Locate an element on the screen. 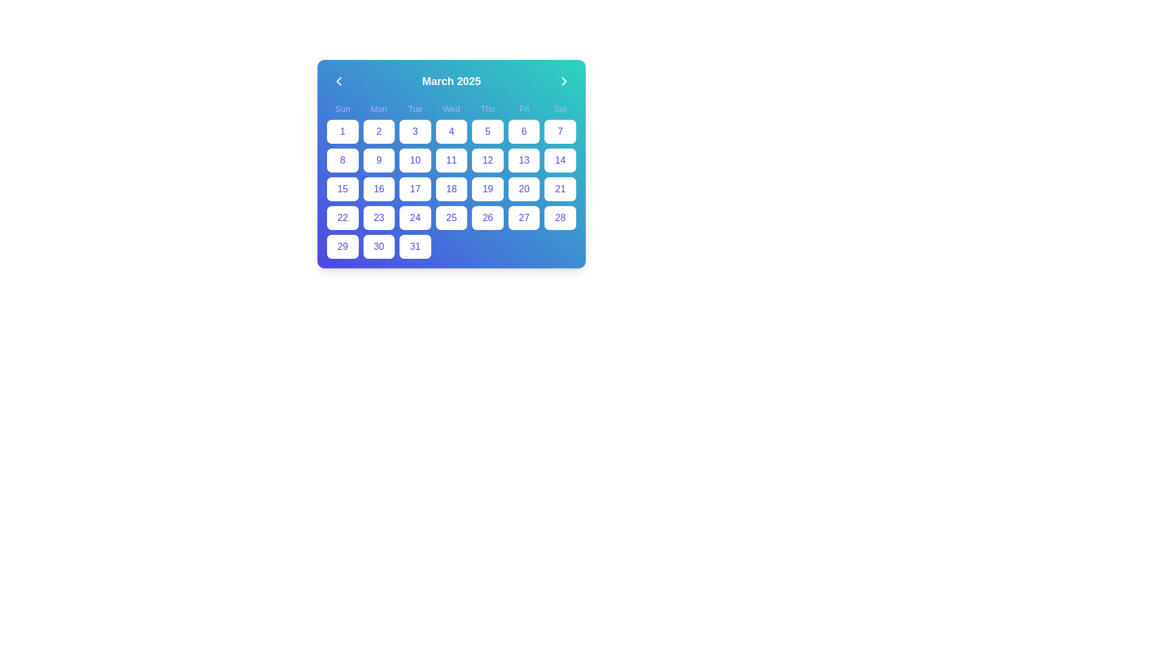 The image size is (1150, 647). the Text Label that indicates the currently selected month and year in the calendar interface, located at the top and horizontally centered is located at coordinates (450, 81).